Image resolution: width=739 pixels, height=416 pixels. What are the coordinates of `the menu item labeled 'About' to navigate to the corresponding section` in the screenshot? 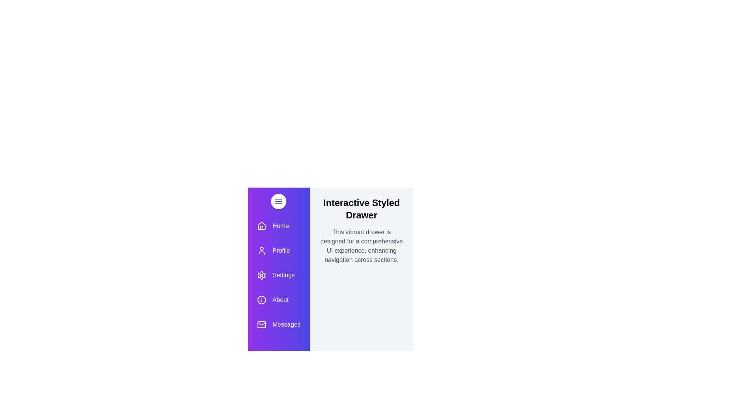 It's located at (278, 300).